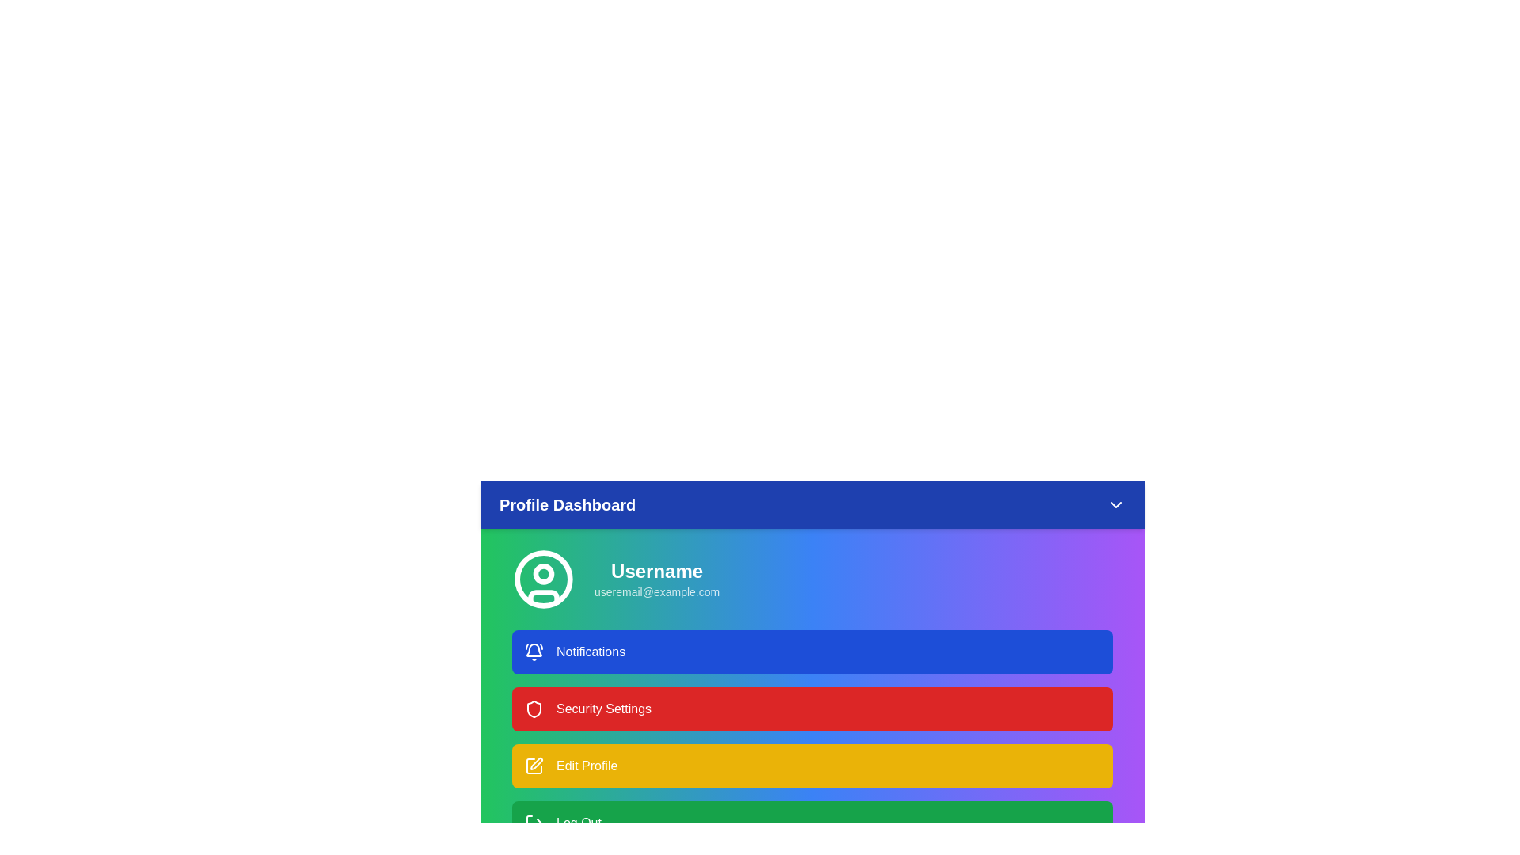  Describe the element at coordinates (812, 708) in the screenshot. I see `the 'Security Settings' menu item` at that location.